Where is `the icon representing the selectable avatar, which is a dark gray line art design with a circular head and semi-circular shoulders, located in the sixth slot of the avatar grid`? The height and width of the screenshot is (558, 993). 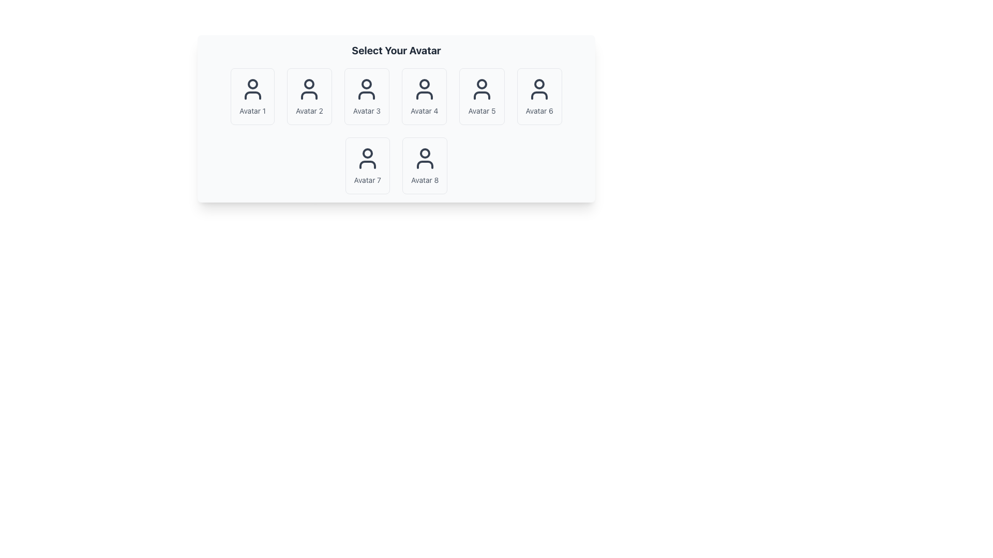
the icon representing the selectable avatar, which is a dark gray line art design with a circular head and semi-circular shoulders, located in the sixth slot of the avatar grid is located at coordinates (539, 89).